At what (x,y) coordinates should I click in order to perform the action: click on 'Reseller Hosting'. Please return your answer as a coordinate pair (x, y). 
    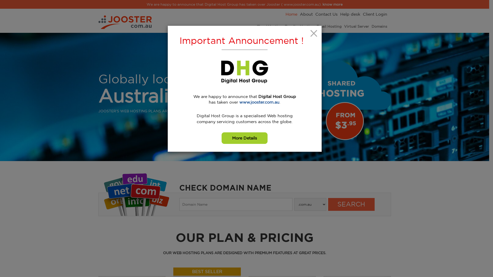
    Looking at the image, I should click on (284, 27).